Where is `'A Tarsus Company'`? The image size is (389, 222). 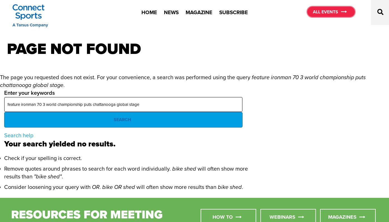
'A Tarsus Company' is located at coordinates (12, 25).